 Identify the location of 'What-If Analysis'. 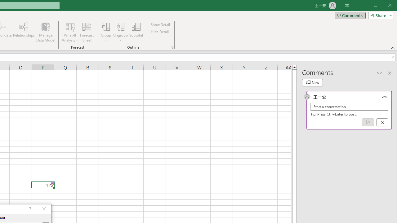
(70, 32).